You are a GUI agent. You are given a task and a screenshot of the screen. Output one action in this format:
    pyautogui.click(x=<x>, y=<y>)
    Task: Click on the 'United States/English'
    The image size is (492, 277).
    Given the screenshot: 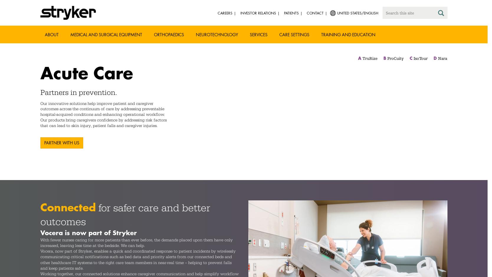 What is the action you would take?
    pyautogui.click(x=337, y=13)
    